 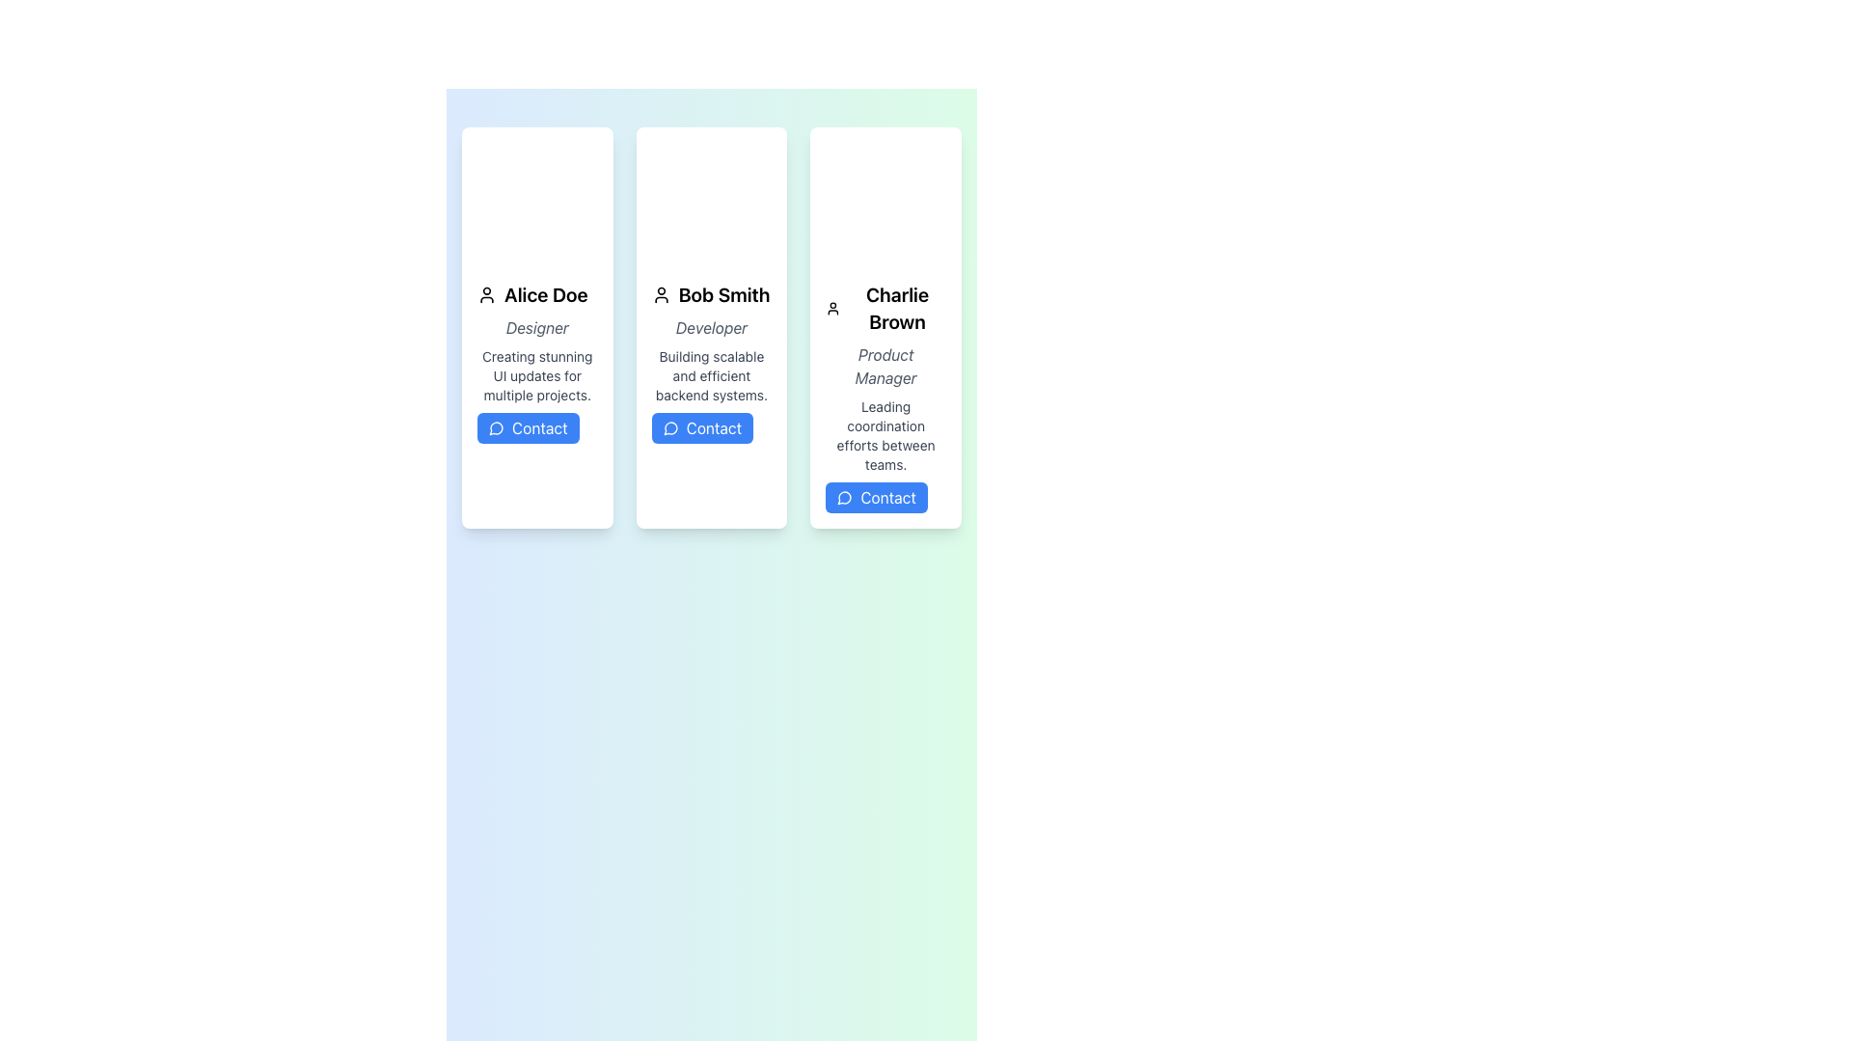 I want to click on the blue rectangular button with rounded corners labeled 'Contact', which includes a speech bubble icon, located at the bottom of the card layout for 'Alice Doe', so click(x=528, y=426).